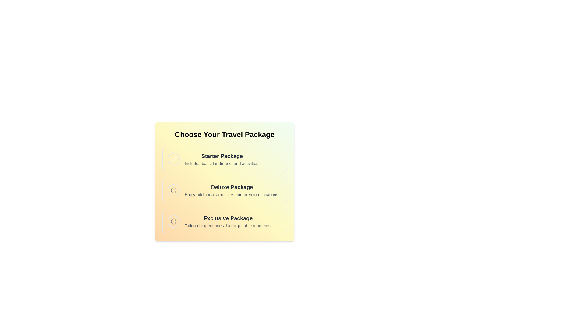 This screenshot has height=329, width=585. I want to click on the supplementary descriptive text about the 'Deluxe Package' located below the header text within the selection card, so click(232, 195).